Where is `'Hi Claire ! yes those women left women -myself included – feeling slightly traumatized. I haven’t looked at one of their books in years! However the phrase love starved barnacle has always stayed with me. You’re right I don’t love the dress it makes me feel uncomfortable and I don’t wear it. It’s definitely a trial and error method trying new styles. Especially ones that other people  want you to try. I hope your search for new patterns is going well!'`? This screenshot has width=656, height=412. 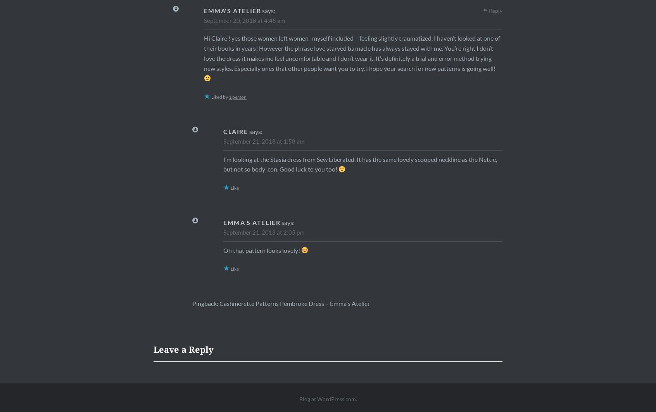 'Hi Claire ! yes those women left women -myself included – feeling slightly traumatized. I haven’t looked at one of their books in years! However the phrase love starved barnacle has always stayed with me. You’re right I don’t love the dress it makes me feel uncomfortable and I don’t wear it. It’s definitely a trial and error method trying new styles. Especially ones that other people  want you to try. I hope your search for new patterns is going well!' is located at coordinates (351, 53).